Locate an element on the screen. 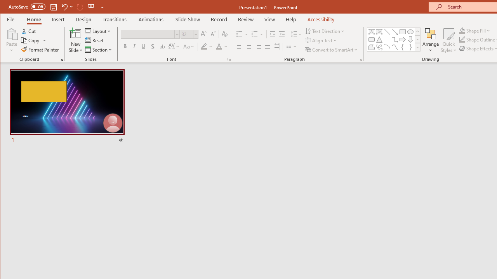 The height and width of the screenshot is (279, 497). 'Connector: Elbow Arrow' is located at coordinates (394, 40).